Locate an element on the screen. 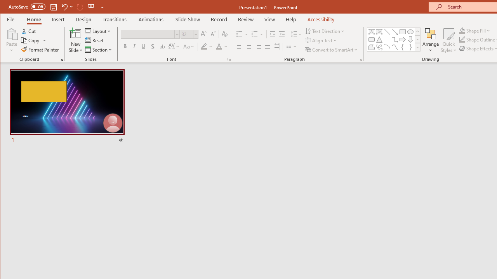 The height and width of the screenshot is (279, 497). 'Connector: Elbow Arrow' is located at coordinates (394, 40).